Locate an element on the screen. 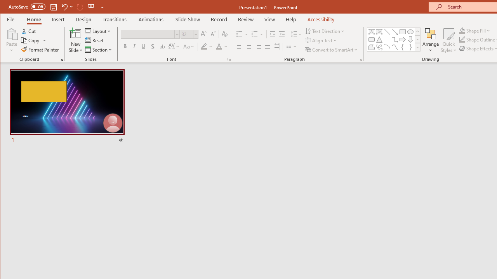 The height and width of the screenshot is (279, 497). 'Connector: Elbow Arrow' is located at coordinates (394, 40).